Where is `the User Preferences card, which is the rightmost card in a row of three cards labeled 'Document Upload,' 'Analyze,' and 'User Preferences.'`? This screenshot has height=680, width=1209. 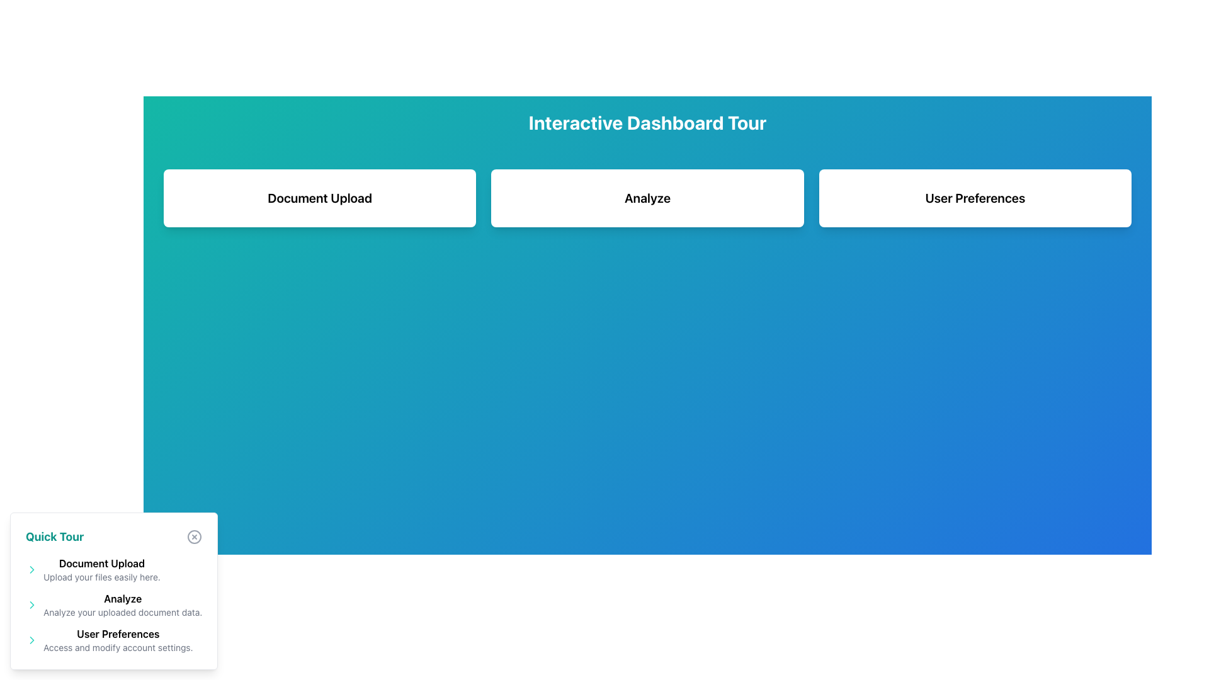 the User Preferences card, which is the rightmost card in a row of three cards labeled 'Document Upload,' 'Analyze,' and 'User Preferences.' is located at coordinates (974, 198).